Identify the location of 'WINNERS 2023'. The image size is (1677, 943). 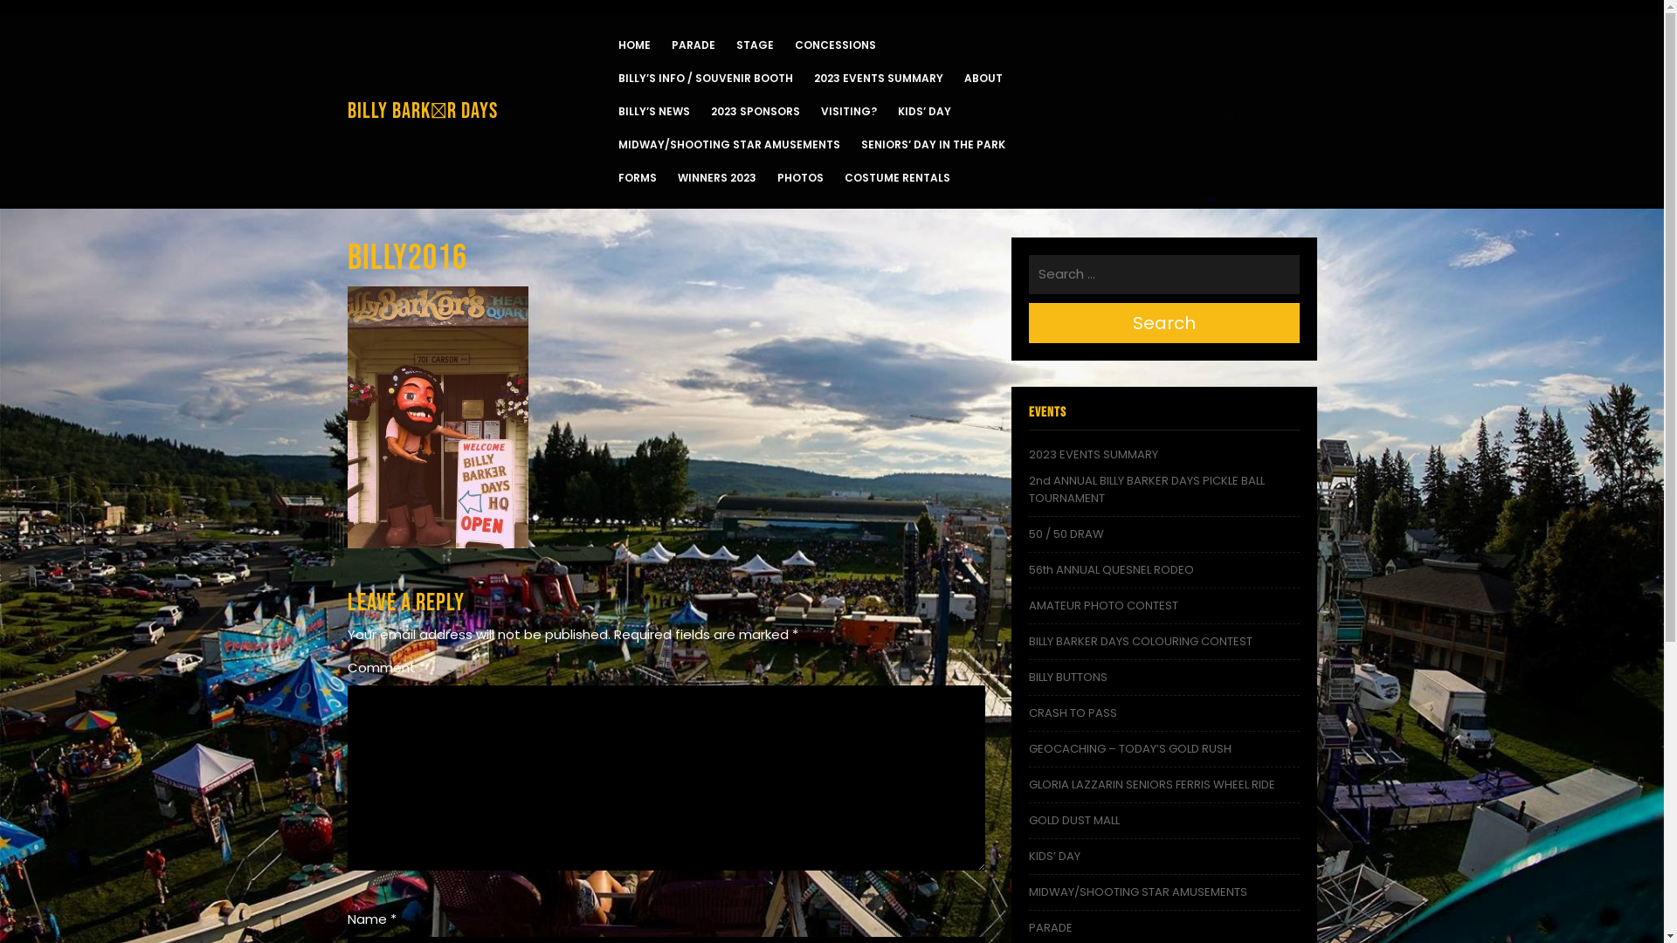
(677, 178).